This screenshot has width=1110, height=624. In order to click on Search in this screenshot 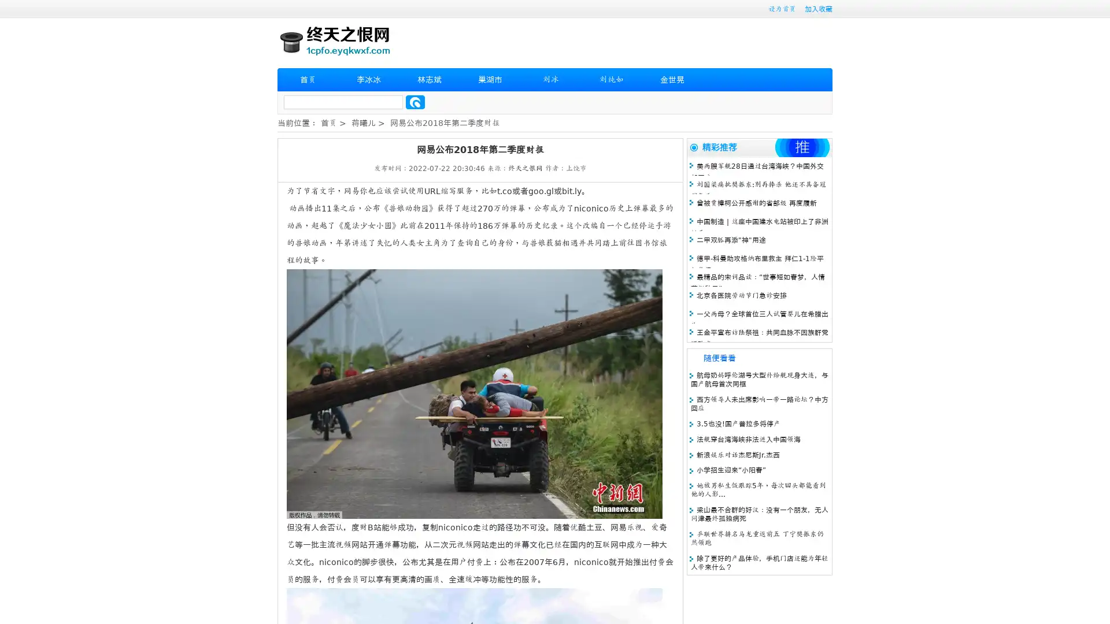, I will do `click(415, 102)`.